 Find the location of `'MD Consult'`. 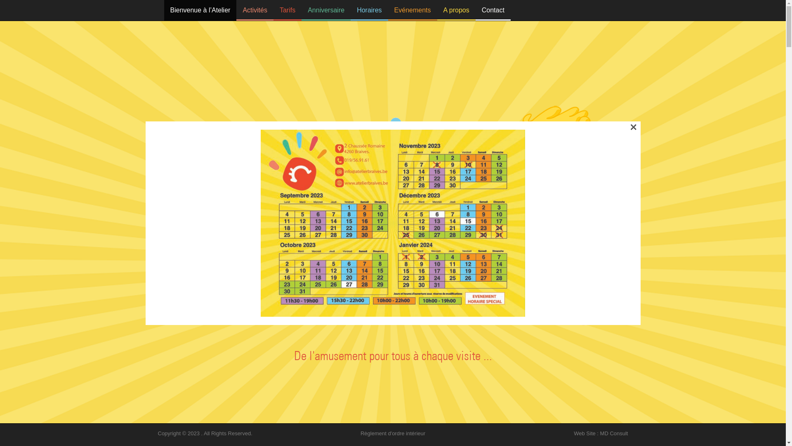

'MD Consult' is located at coordinates (614, 433).